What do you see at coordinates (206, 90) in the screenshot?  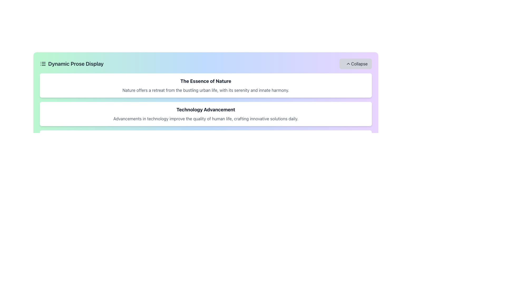 I see `text content of the element displaying 'Nature offers a retreat from the bustling urban life, with its serenity and innate harmony.' which is styled in a compact serif font and appears below the heading 'The Essence of Nature.'` at bounding box center [206, 90].